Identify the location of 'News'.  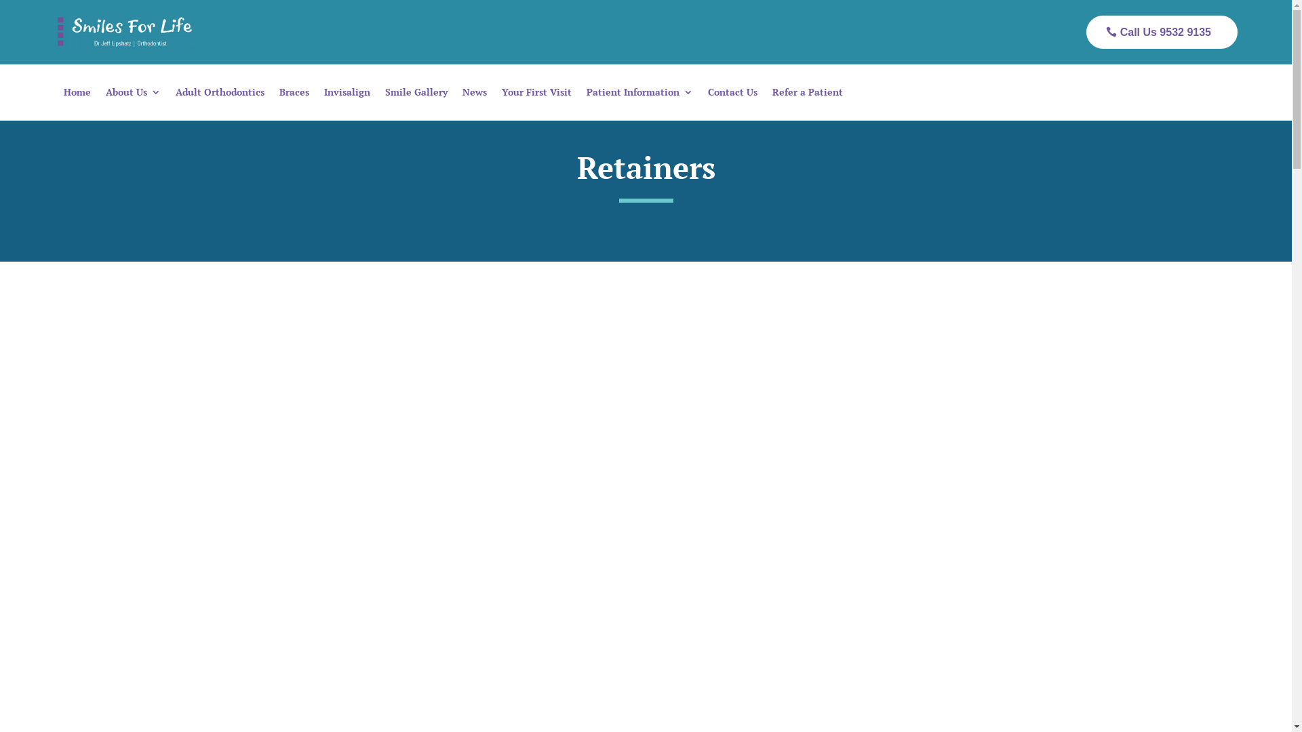
(462, 94).